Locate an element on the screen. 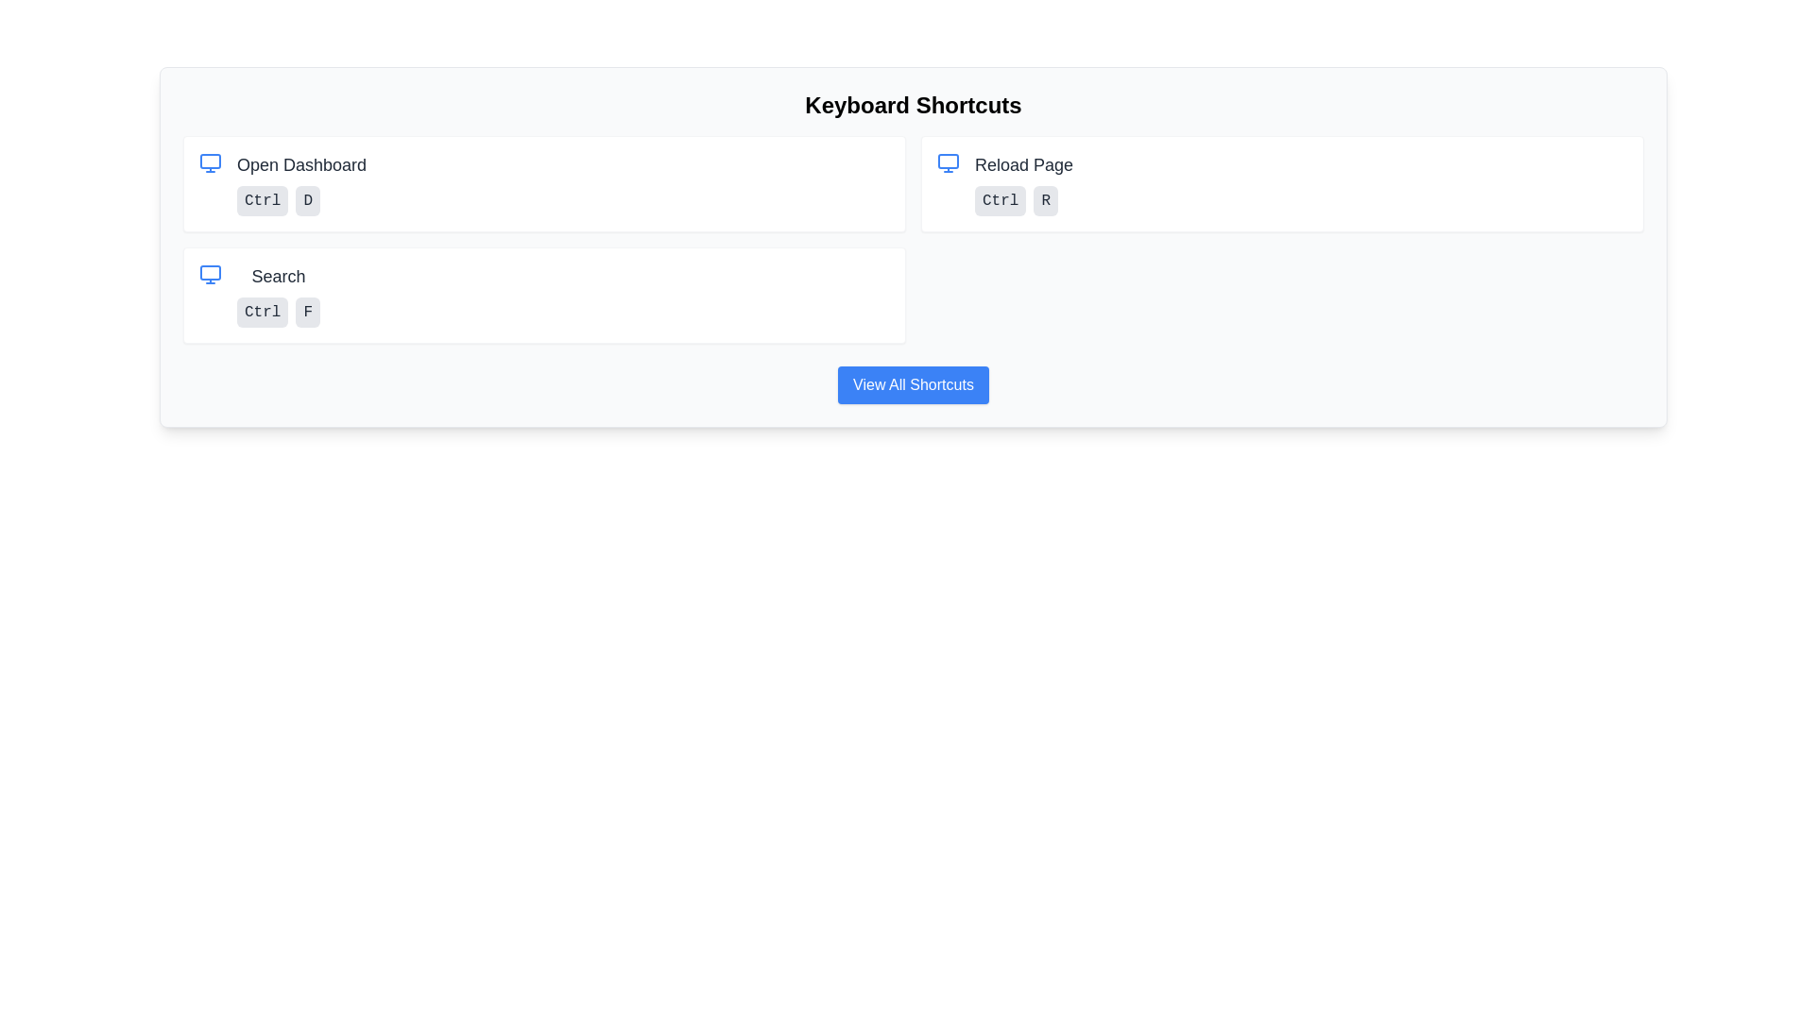 The width and height of the screenshot is (1814, 1020). the 'Search' keyboard shortcut label, which is centrally aligned in the second row of shortcut information, located between 'Open Dashboard' and 'Ctrl F' labels is located at coordinates (278, 277).